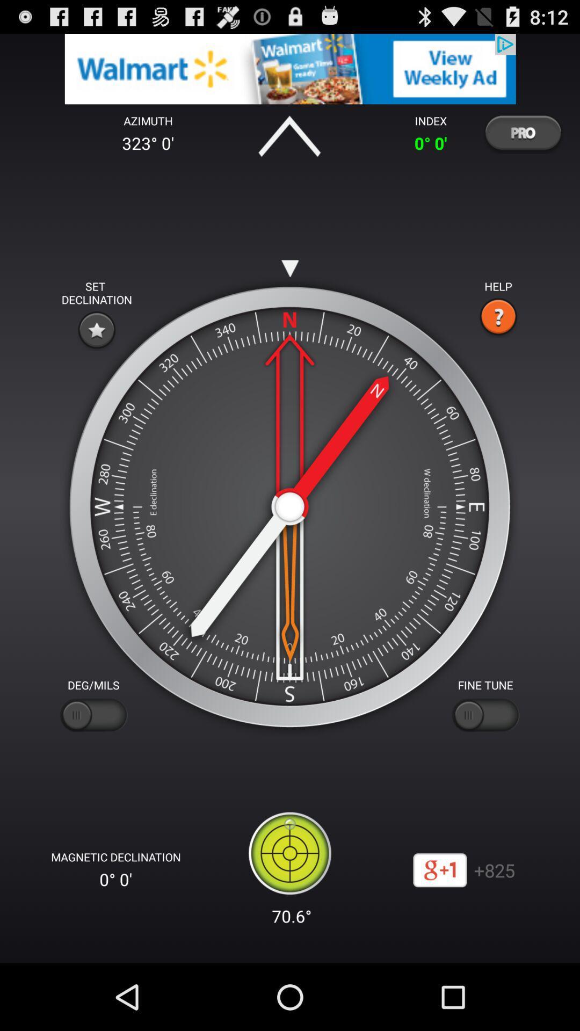 The height and width of the screenshot is (1031, 580). What do you see at coordinates (290, 68) in the screenshot?
I see `advertisements` at bounding box center [290, 68].